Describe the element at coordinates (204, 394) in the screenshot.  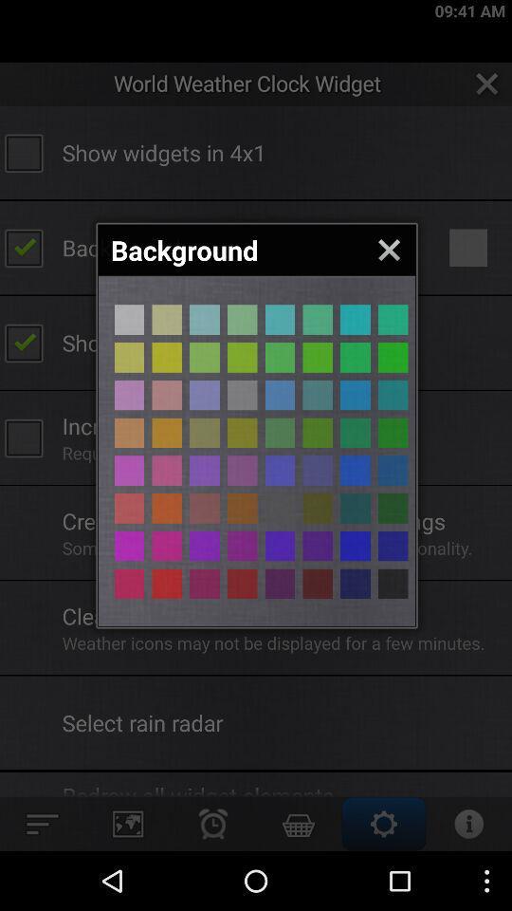
I see `background colour` at that location.